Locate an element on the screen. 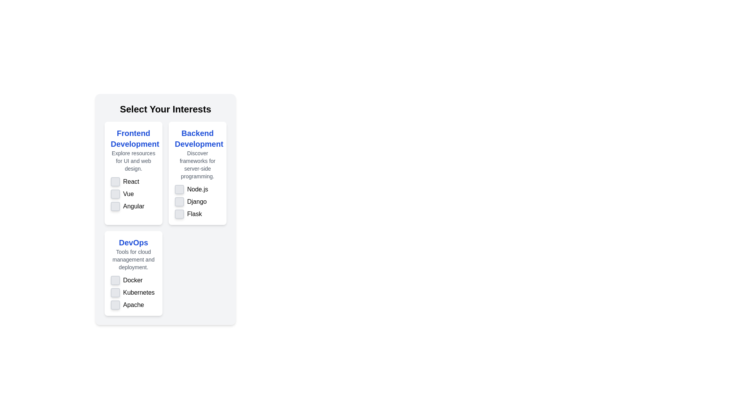 The width and height of the screenshot is (741, 416). text label 'Node.js' located to the right of the checkbox in the 'Backend Development' section, which is the first item in the list is located at coordinates (198, 190).